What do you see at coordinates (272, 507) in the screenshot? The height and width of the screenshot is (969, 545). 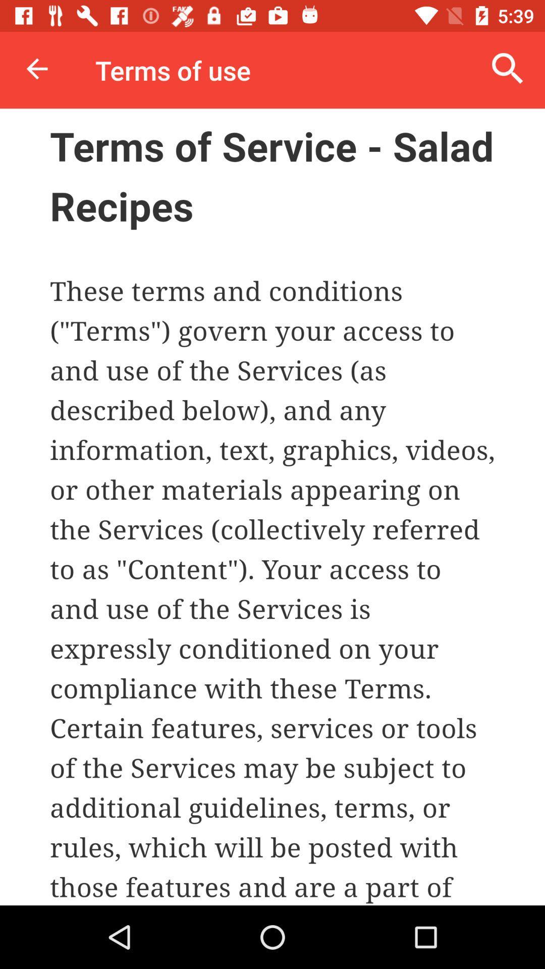 I see `share the article` at bounding box center [272, 507].